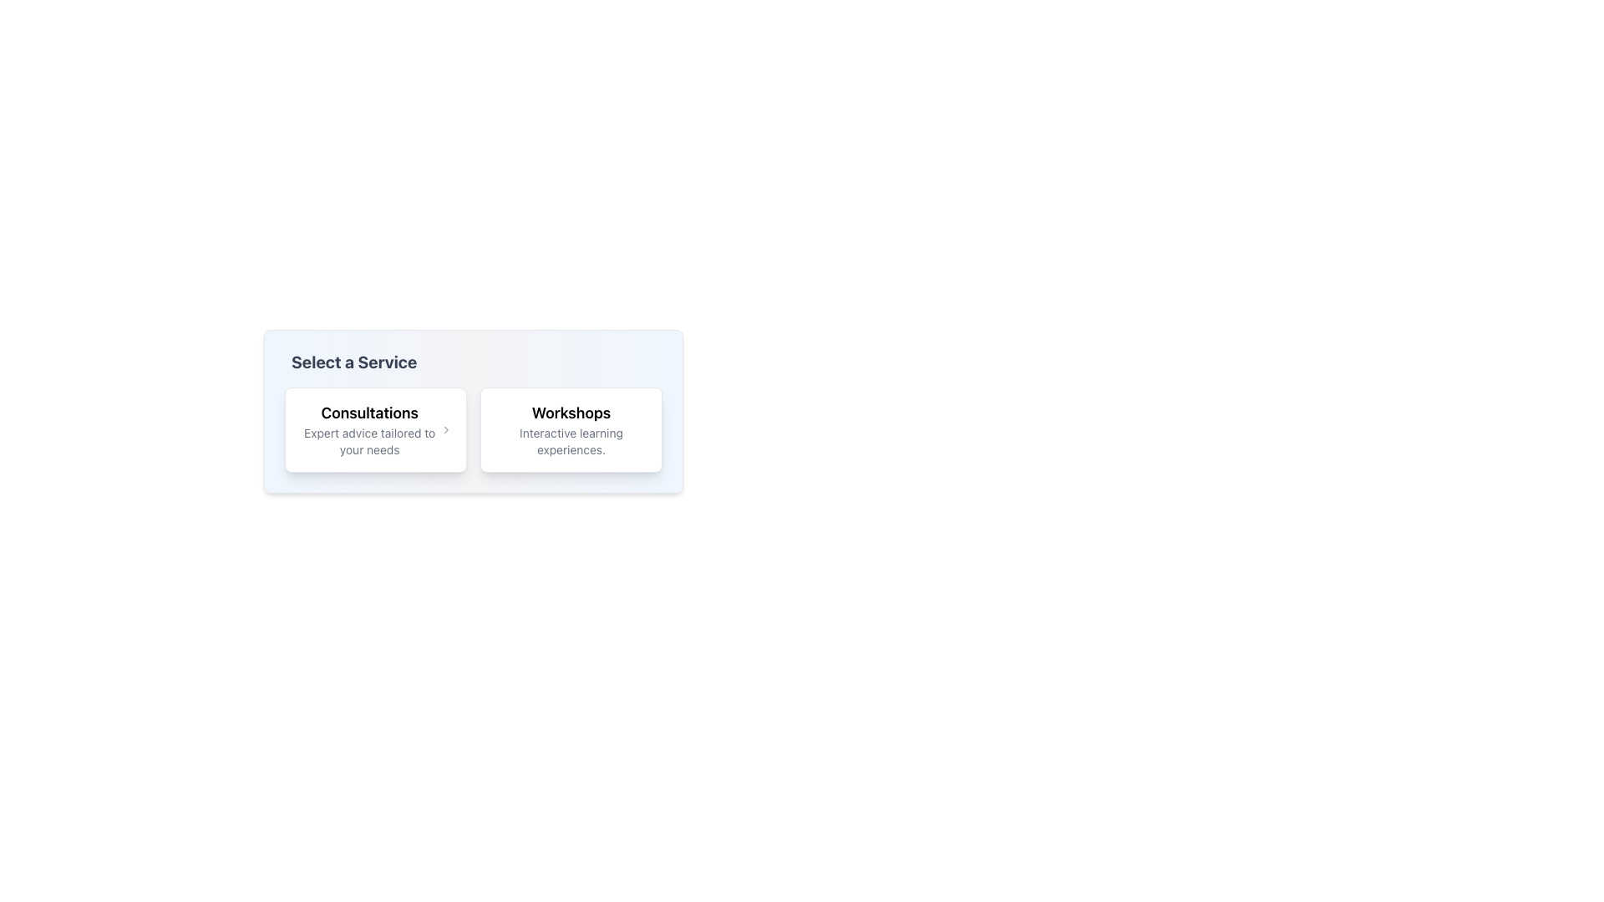  What do you see at coordinates (571, 440) in the screenshot?
I see `the descriptive Text Label located below the 'Workshops' title within the Workshops card, which provides additional information about the service offerings` at bounding box center [571, 440].